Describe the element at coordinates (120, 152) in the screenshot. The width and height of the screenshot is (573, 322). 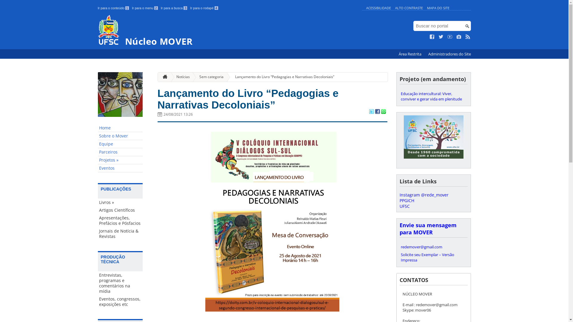
I see `'Parceiros'` at that location.